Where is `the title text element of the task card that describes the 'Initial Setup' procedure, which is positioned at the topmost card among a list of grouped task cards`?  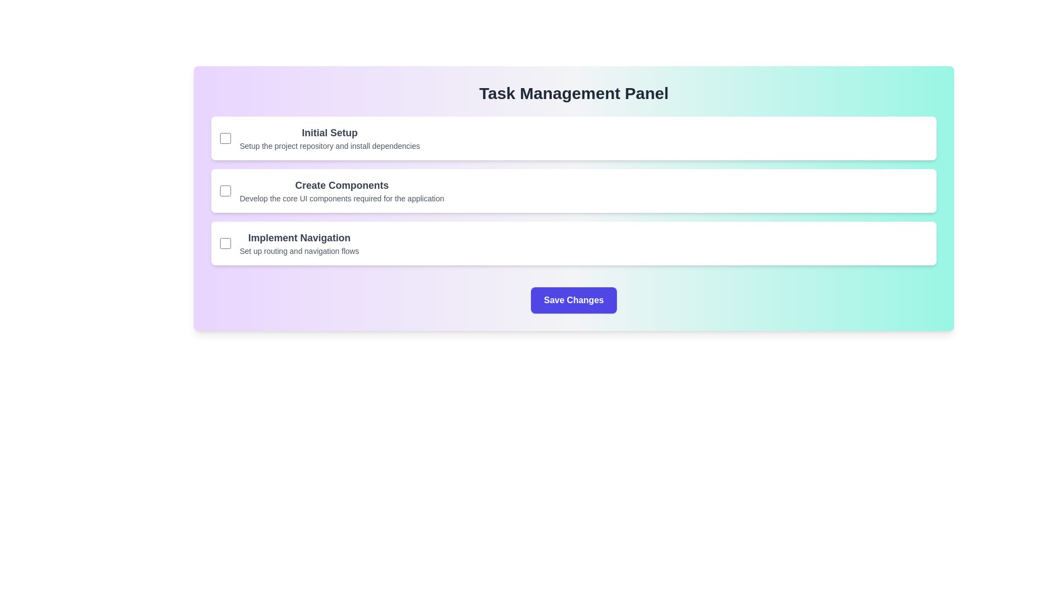
the title text element of the task card that describes the 'Initial Setup' procedure, which is positioned at the topmost card among a list of grouped task cards is located at coordinates (329, 132).